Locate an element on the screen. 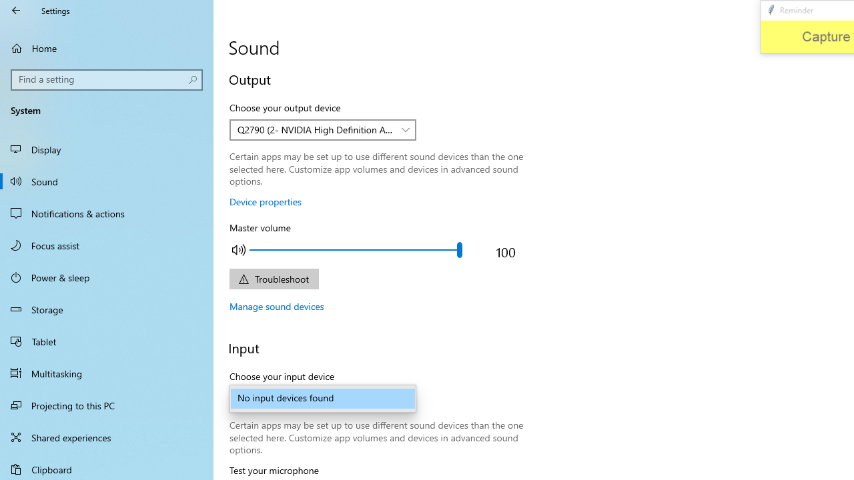 The width and height of the screenshot is (854, 480). 'Storage' is located at coordinates (107, 309).